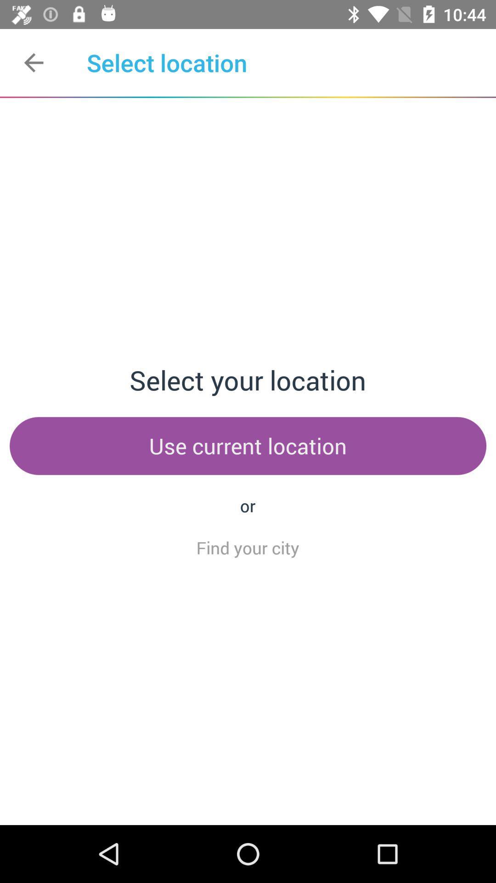 This screenshot has width=496, height=883. I want to click on item to the left of select location, so click(33, 62).